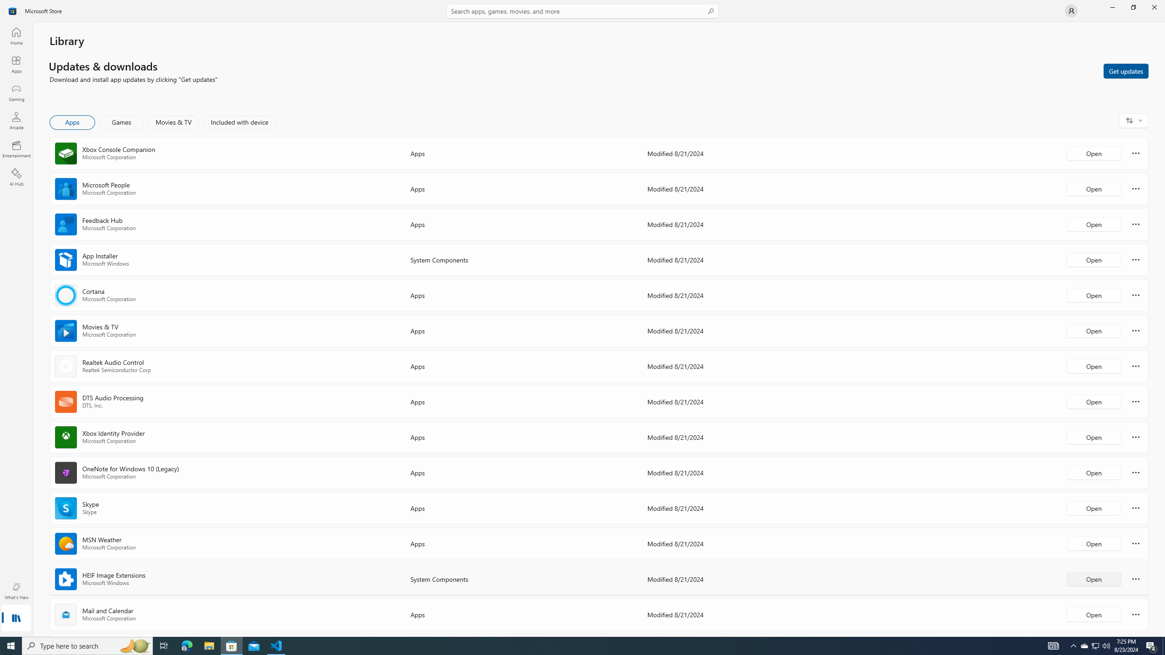 The height and width of the screenshot is (655, 1165). I want to click on 'Sort and filter', so click(1134, 120).